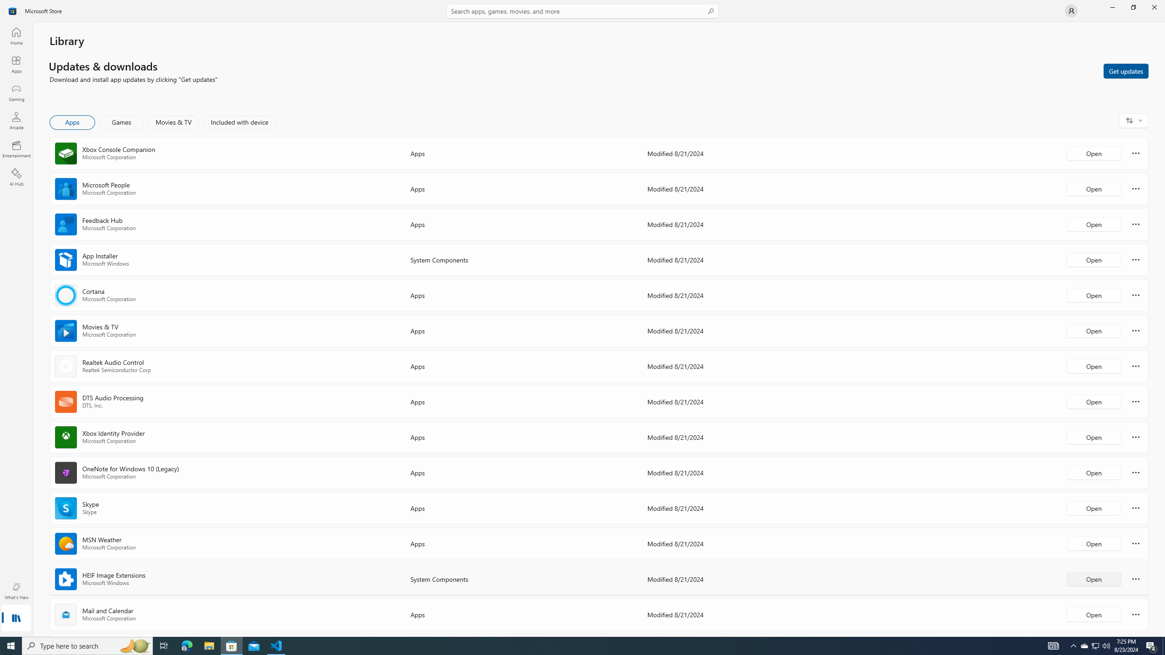 The height and width of the screenshot is (655, 1165). I want to click on 'Sort and filter', so click(1134, 120).